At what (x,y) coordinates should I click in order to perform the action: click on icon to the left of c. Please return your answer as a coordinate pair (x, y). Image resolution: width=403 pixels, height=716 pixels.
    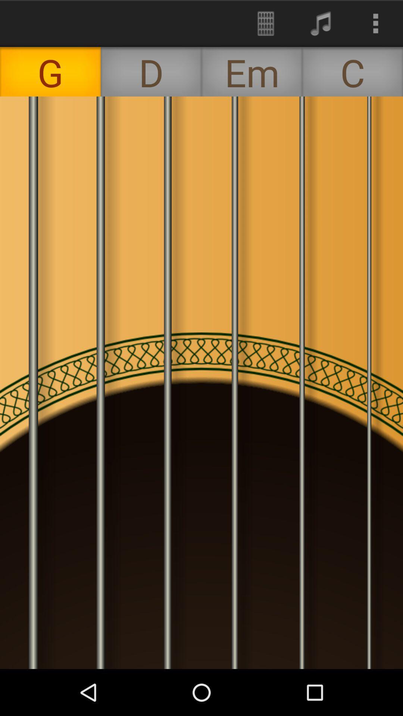
    Looking at the image, I should click on (252, 72).